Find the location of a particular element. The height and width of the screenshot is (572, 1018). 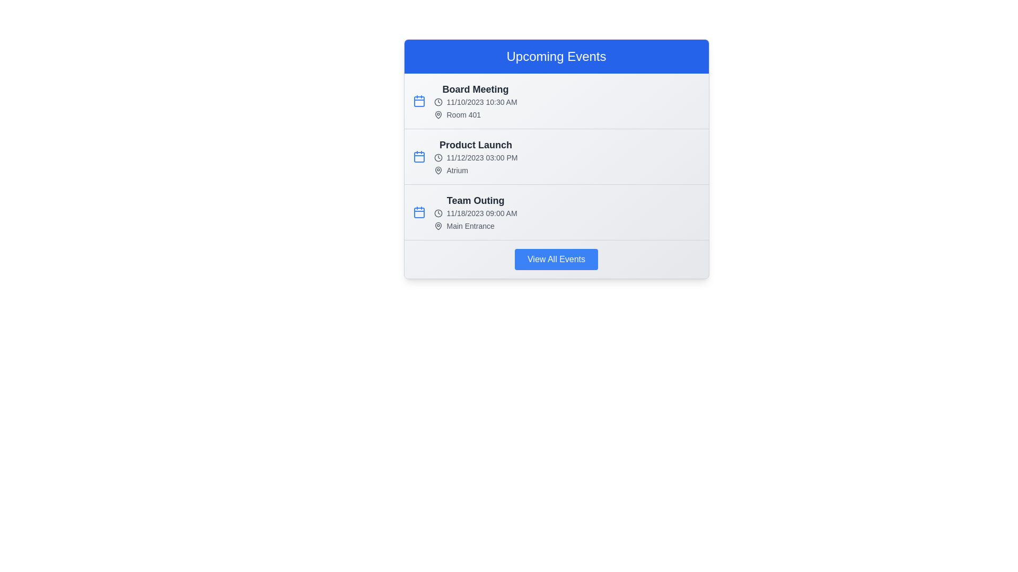

the icon that indicates the associated time information for the event on the left of the date '11/12/2023 03:00 PM' under 'Upcoming Events' is located at coordinates (438, 157).